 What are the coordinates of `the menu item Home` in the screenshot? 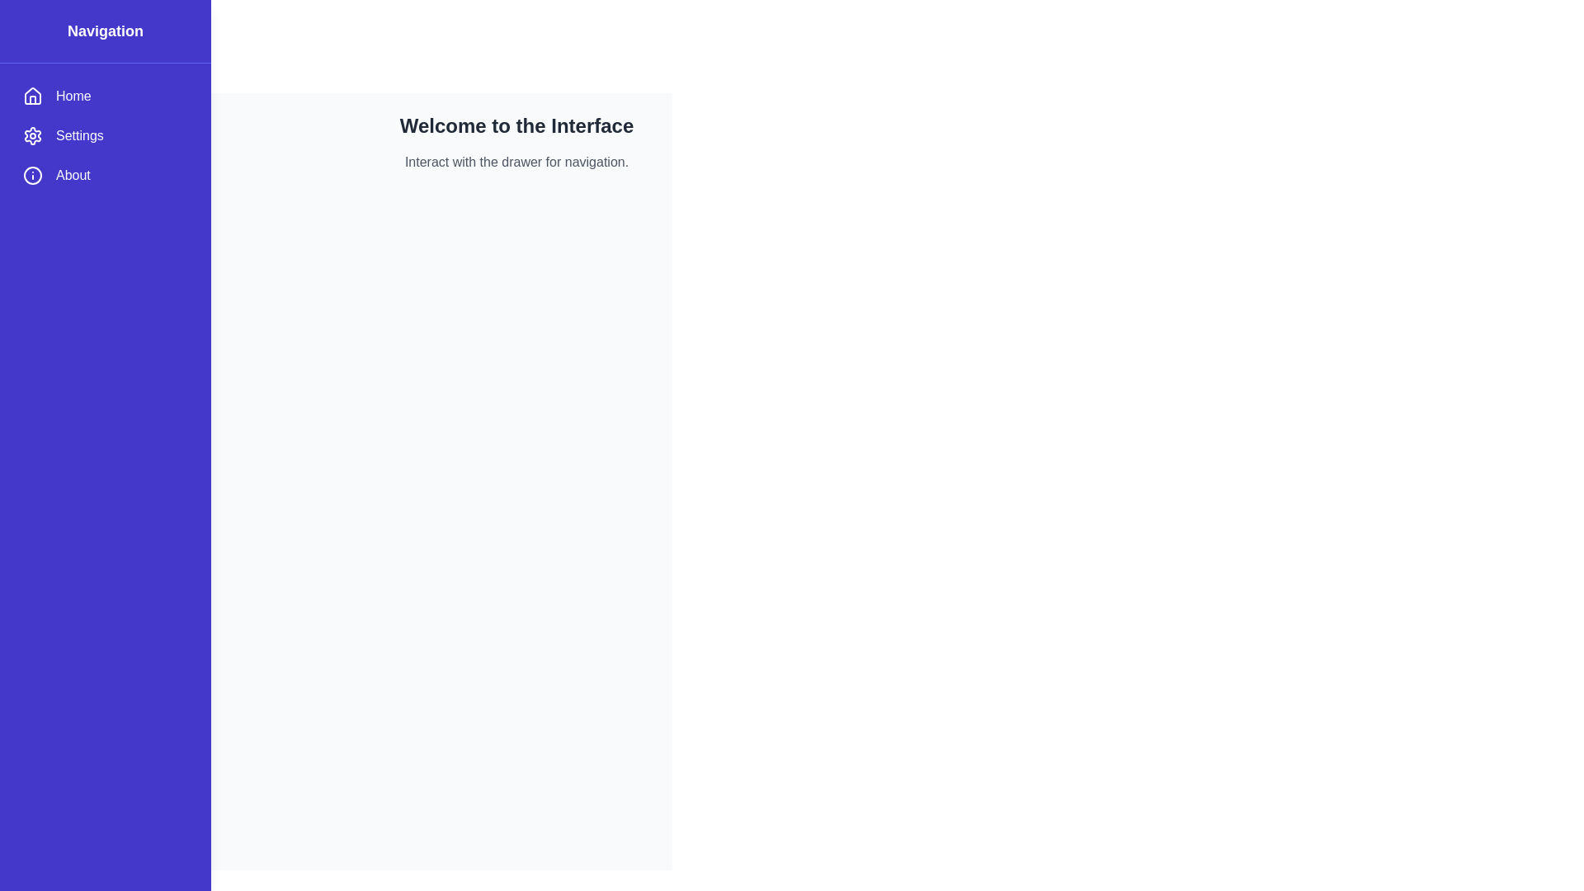 It's located at (105, 96).